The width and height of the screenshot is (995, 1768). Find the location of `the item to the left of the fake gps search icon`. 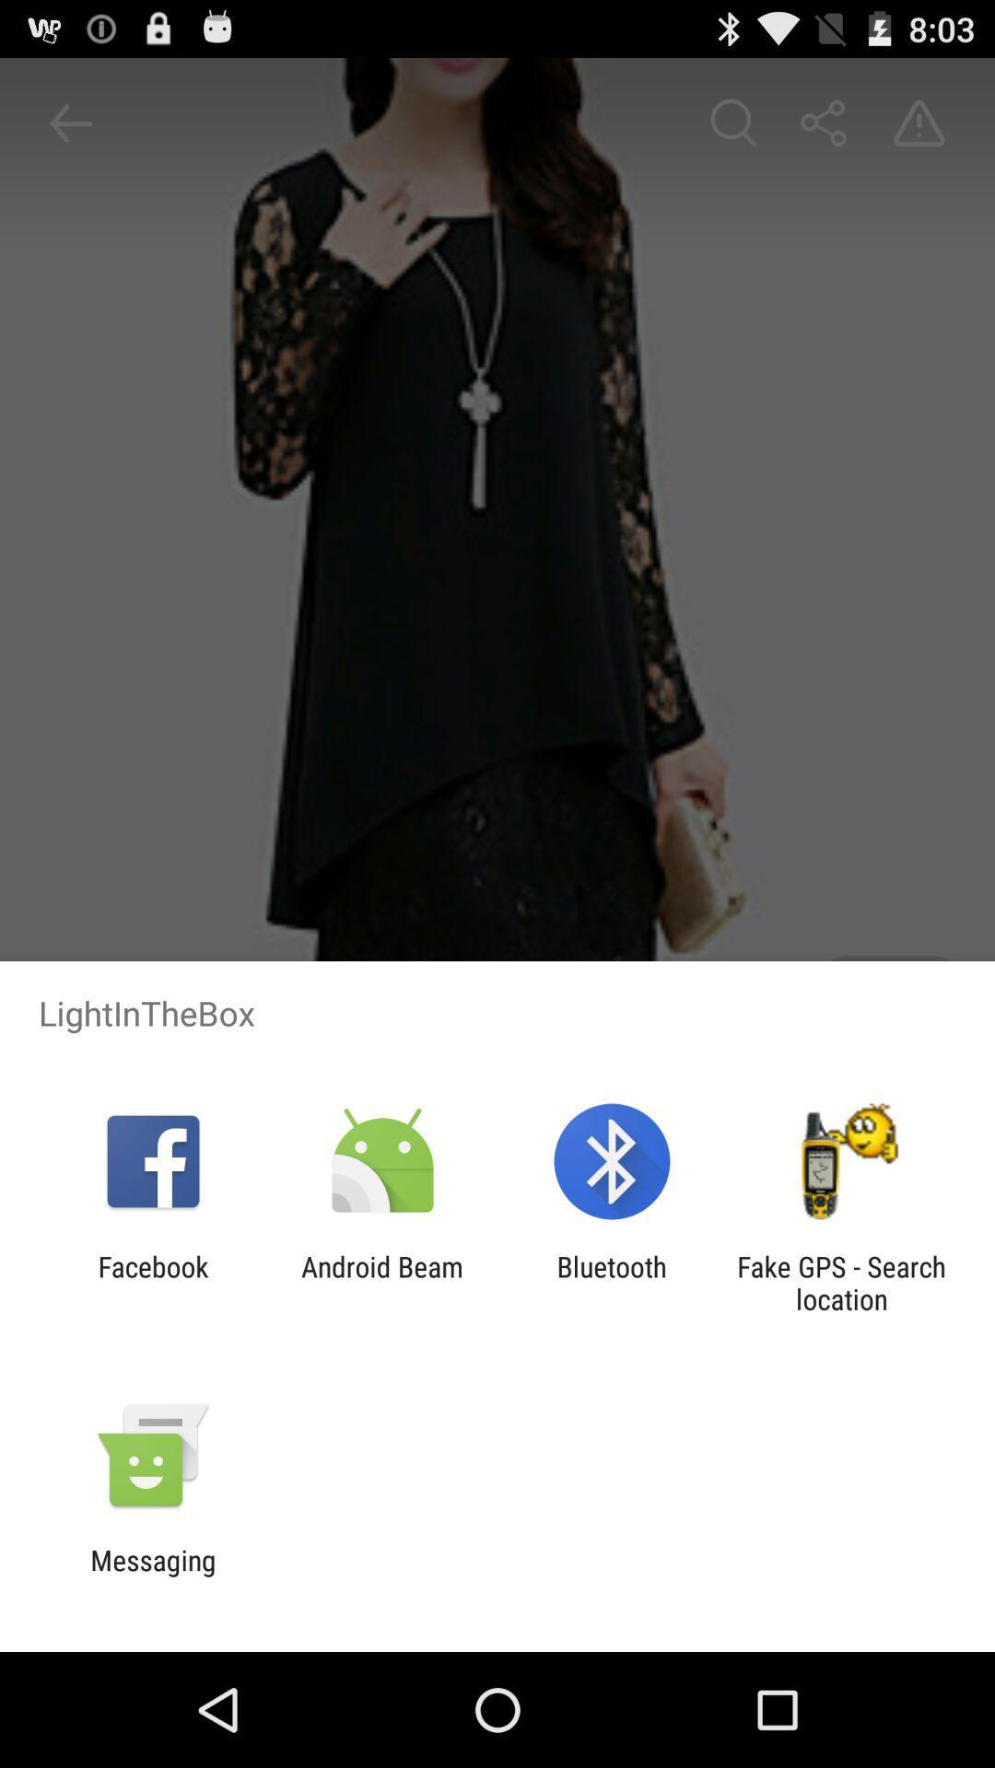

the item to the left of the fake gps search icon is located at coordinates (612, 1282).